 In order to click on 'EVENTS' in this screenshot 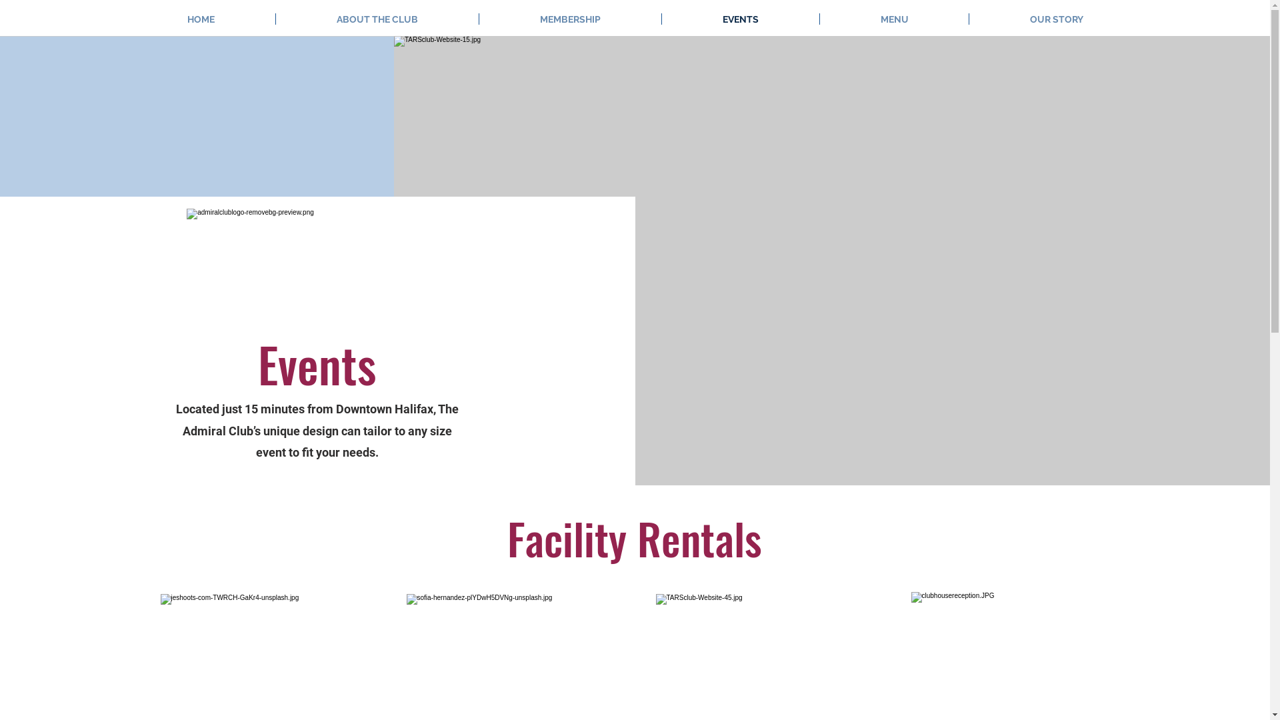, I will do `click(739, 19)`.